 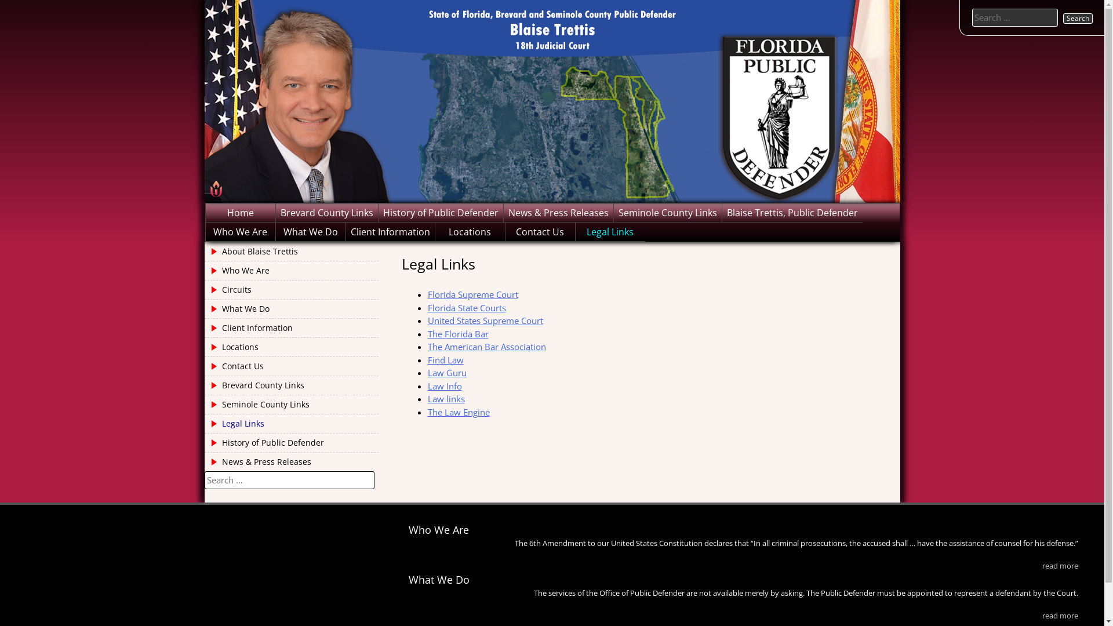 I want to click on 'Brevard County Links', so click(x=326, y=212).